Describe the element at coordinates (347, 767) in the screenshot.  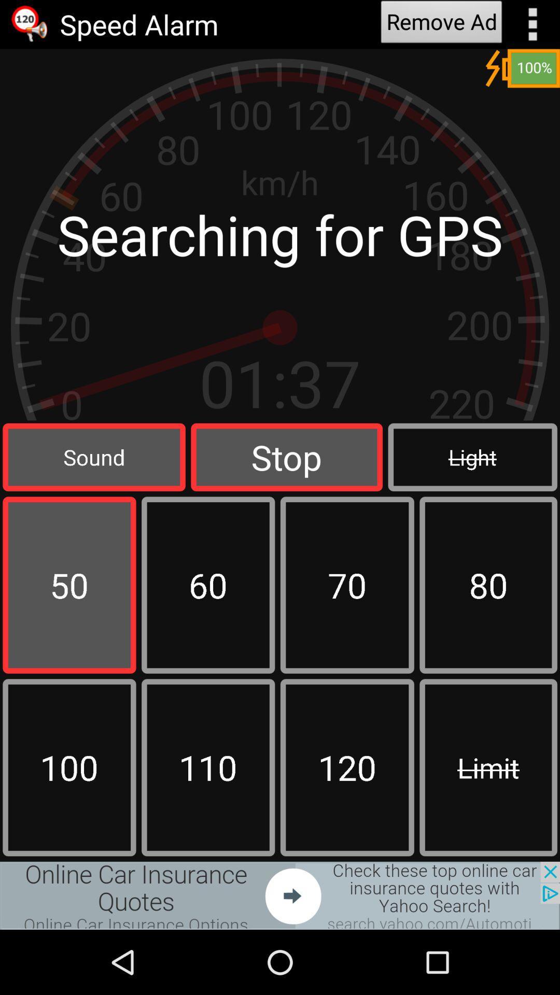
I see `the button which is next to 110` at that location.